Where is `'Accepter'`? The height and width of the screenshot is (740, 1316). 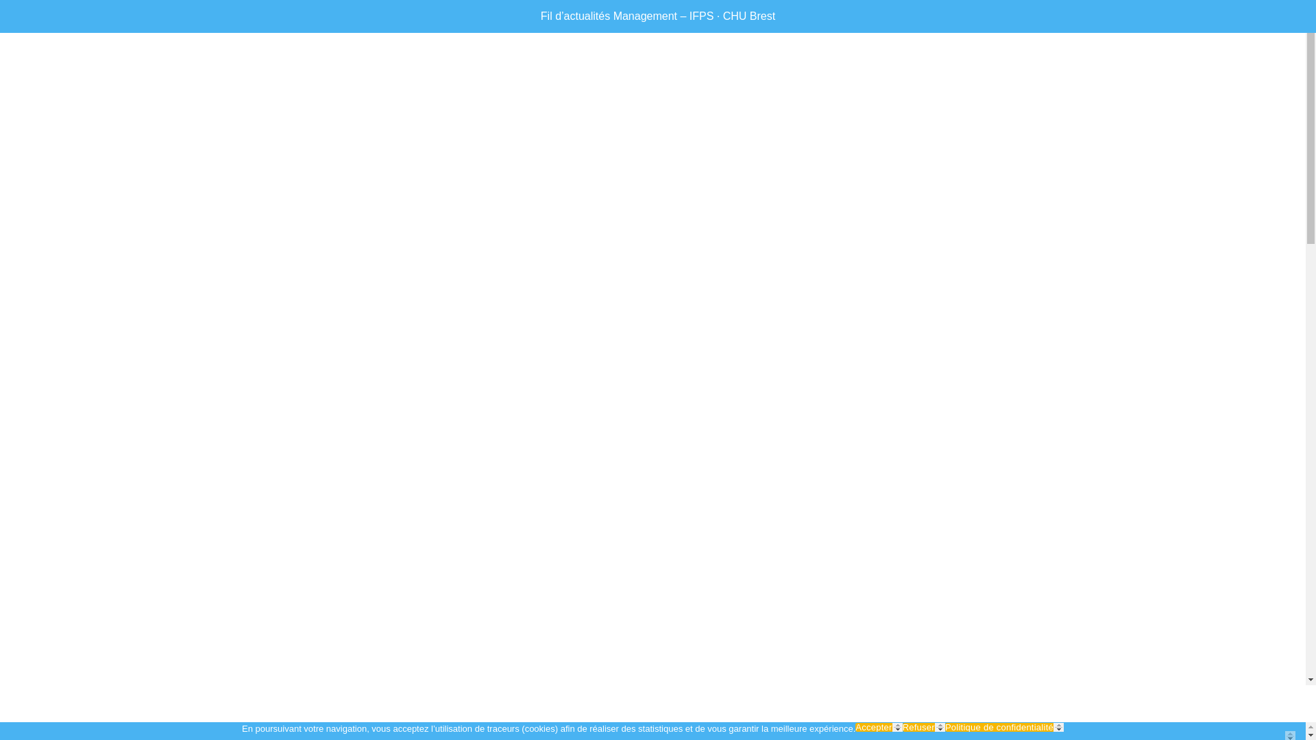
'Accepter' is located at coordinates (878, 726).